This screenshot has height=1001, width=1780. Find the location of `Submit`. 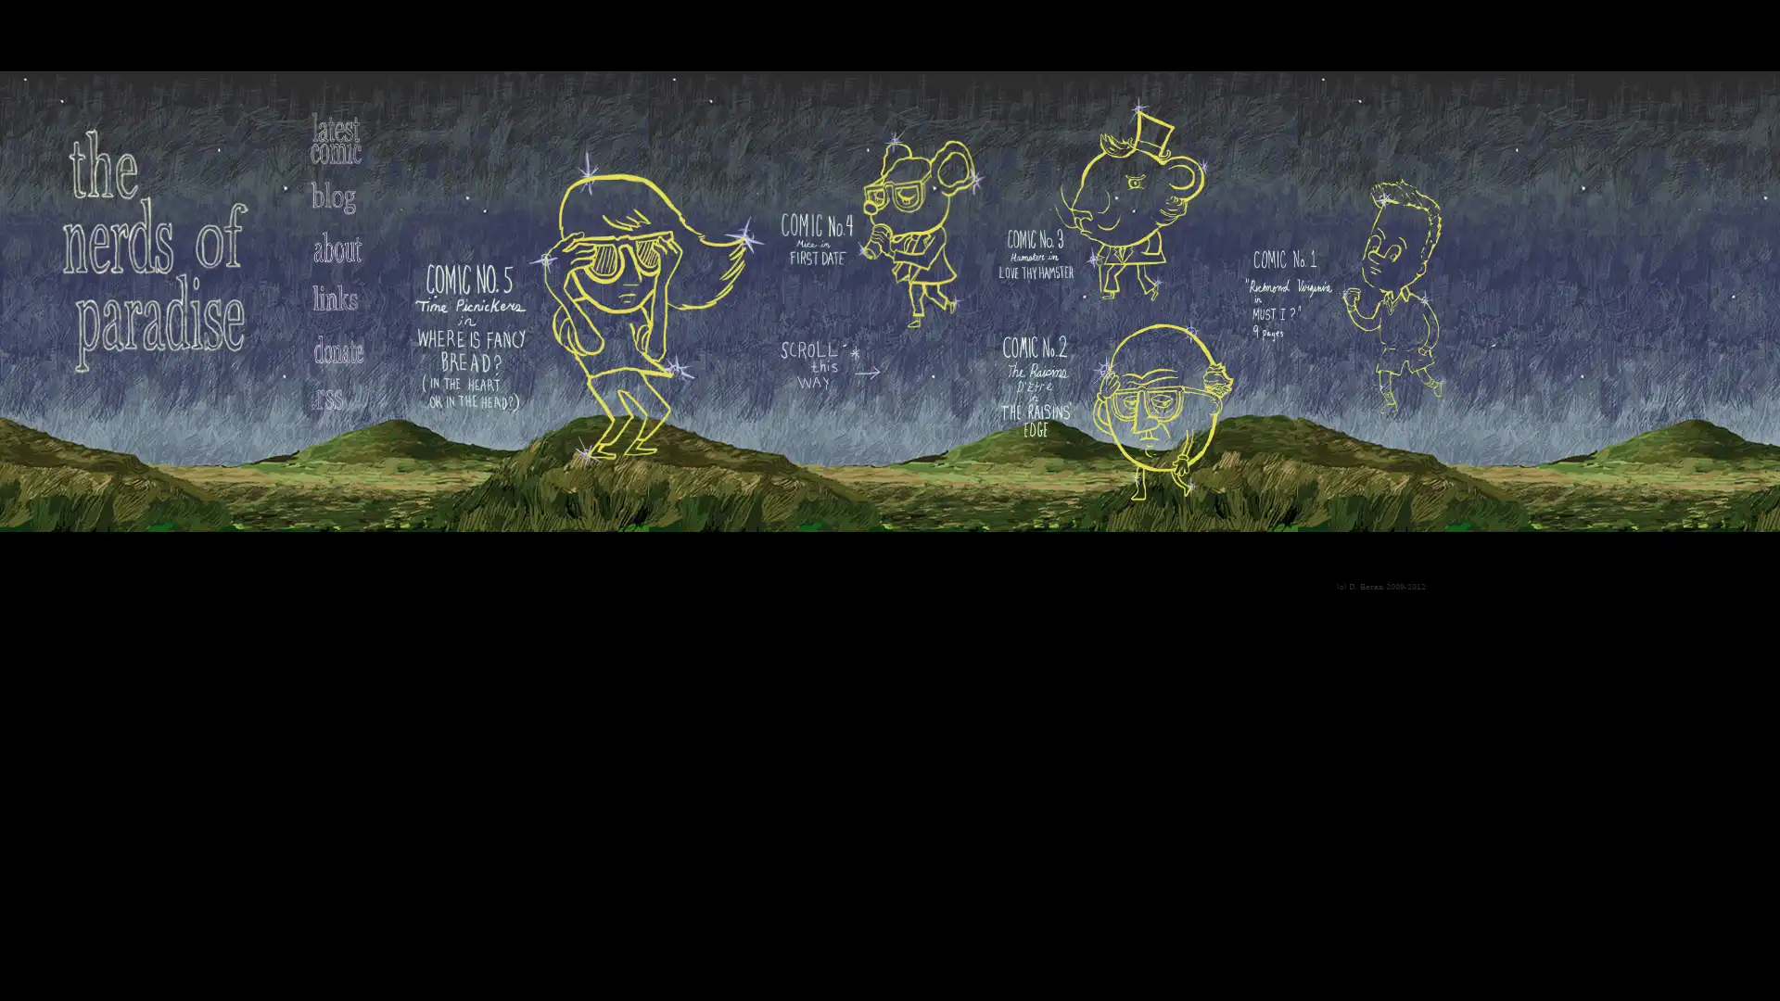

Submit is located at coordinates (337, 349).